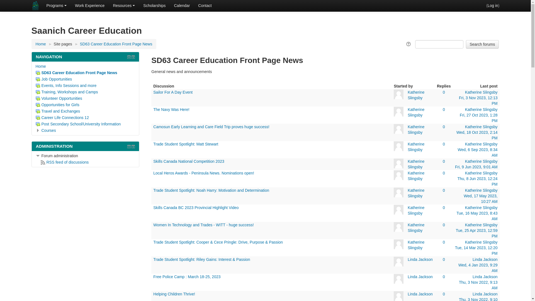 This screenshot has width=535, height=301. What do you see at coordinates (196, 207) in the screenshot?
I see `'Skills Canada BC 2023 Provincial Highlight Video'` at bounding box center [196, 207].